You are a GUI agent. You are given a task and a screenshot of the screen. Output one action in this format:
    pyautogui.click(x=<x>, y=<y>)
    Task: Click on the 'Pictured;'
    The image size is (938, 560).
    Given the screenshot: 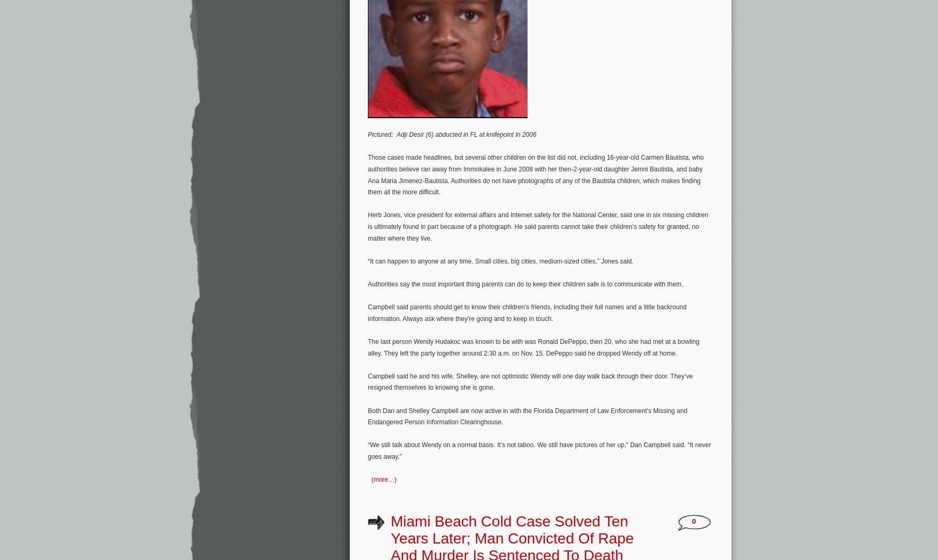 What is the action you would take?
    pyautogui.click(x=380, y=134)
    